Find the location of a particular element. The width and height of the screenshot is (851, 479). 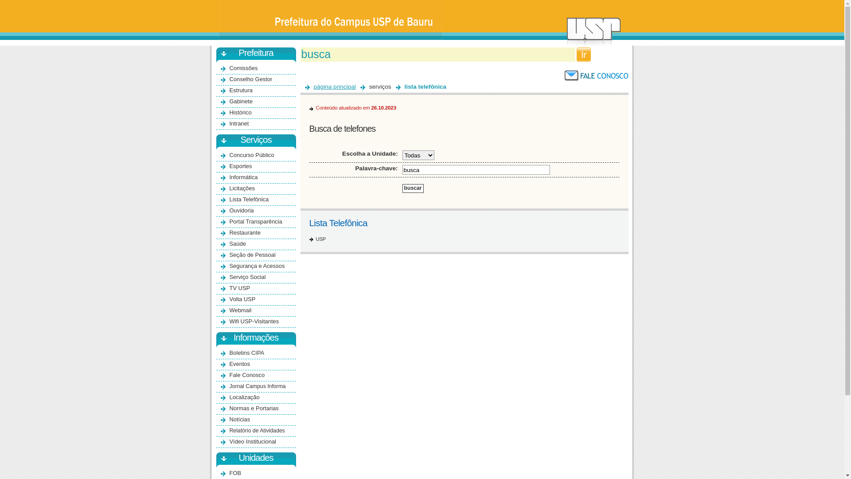

'Restaurante' is located at coordinates (245, 232).